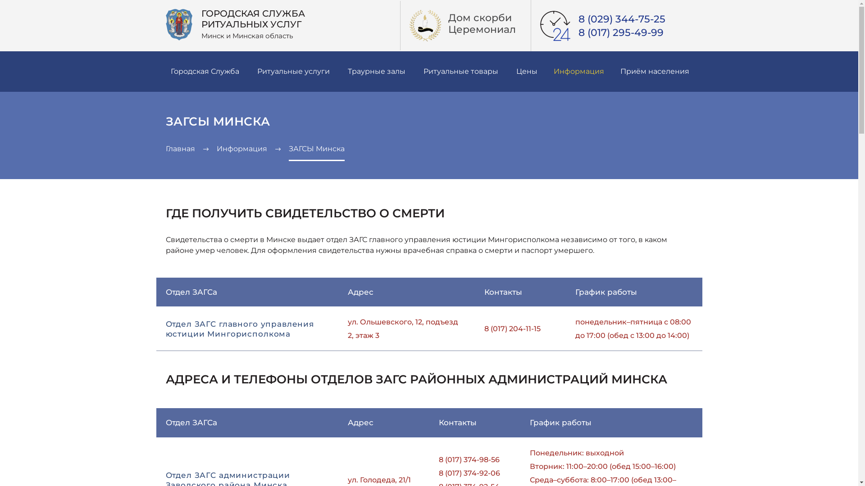  Describe the element at coordinates (578, 19) in the screenshot. I see `'8 (029) 344-75-25'` at that location.